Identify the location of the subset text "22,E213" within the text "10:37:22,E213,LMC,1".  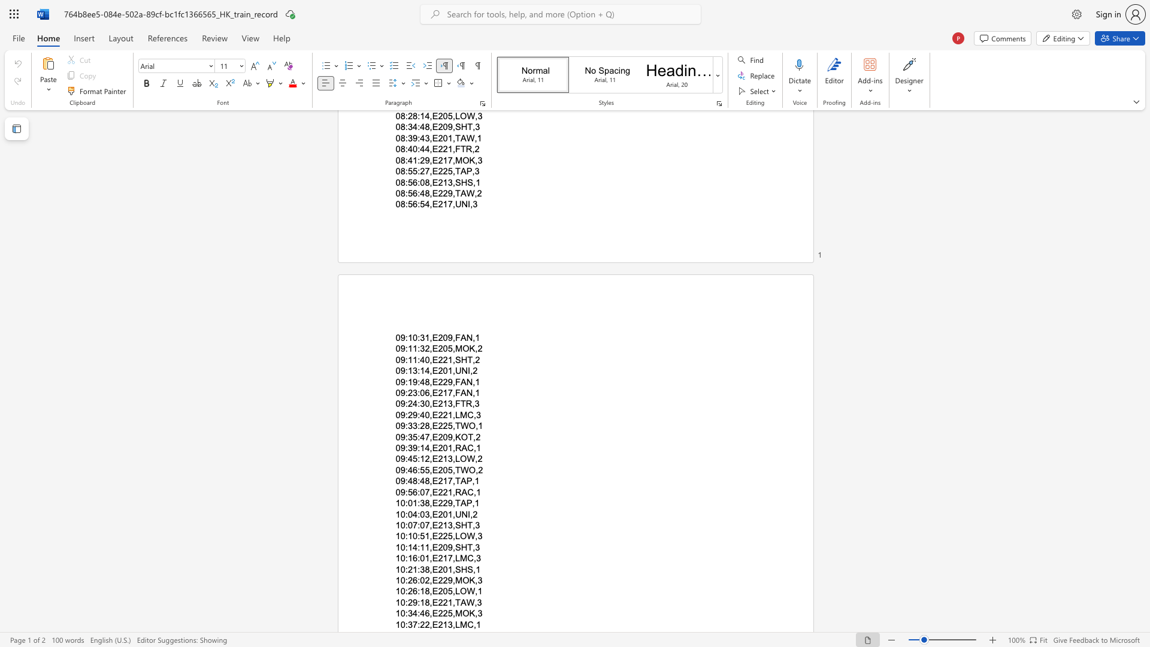
(420, 624).